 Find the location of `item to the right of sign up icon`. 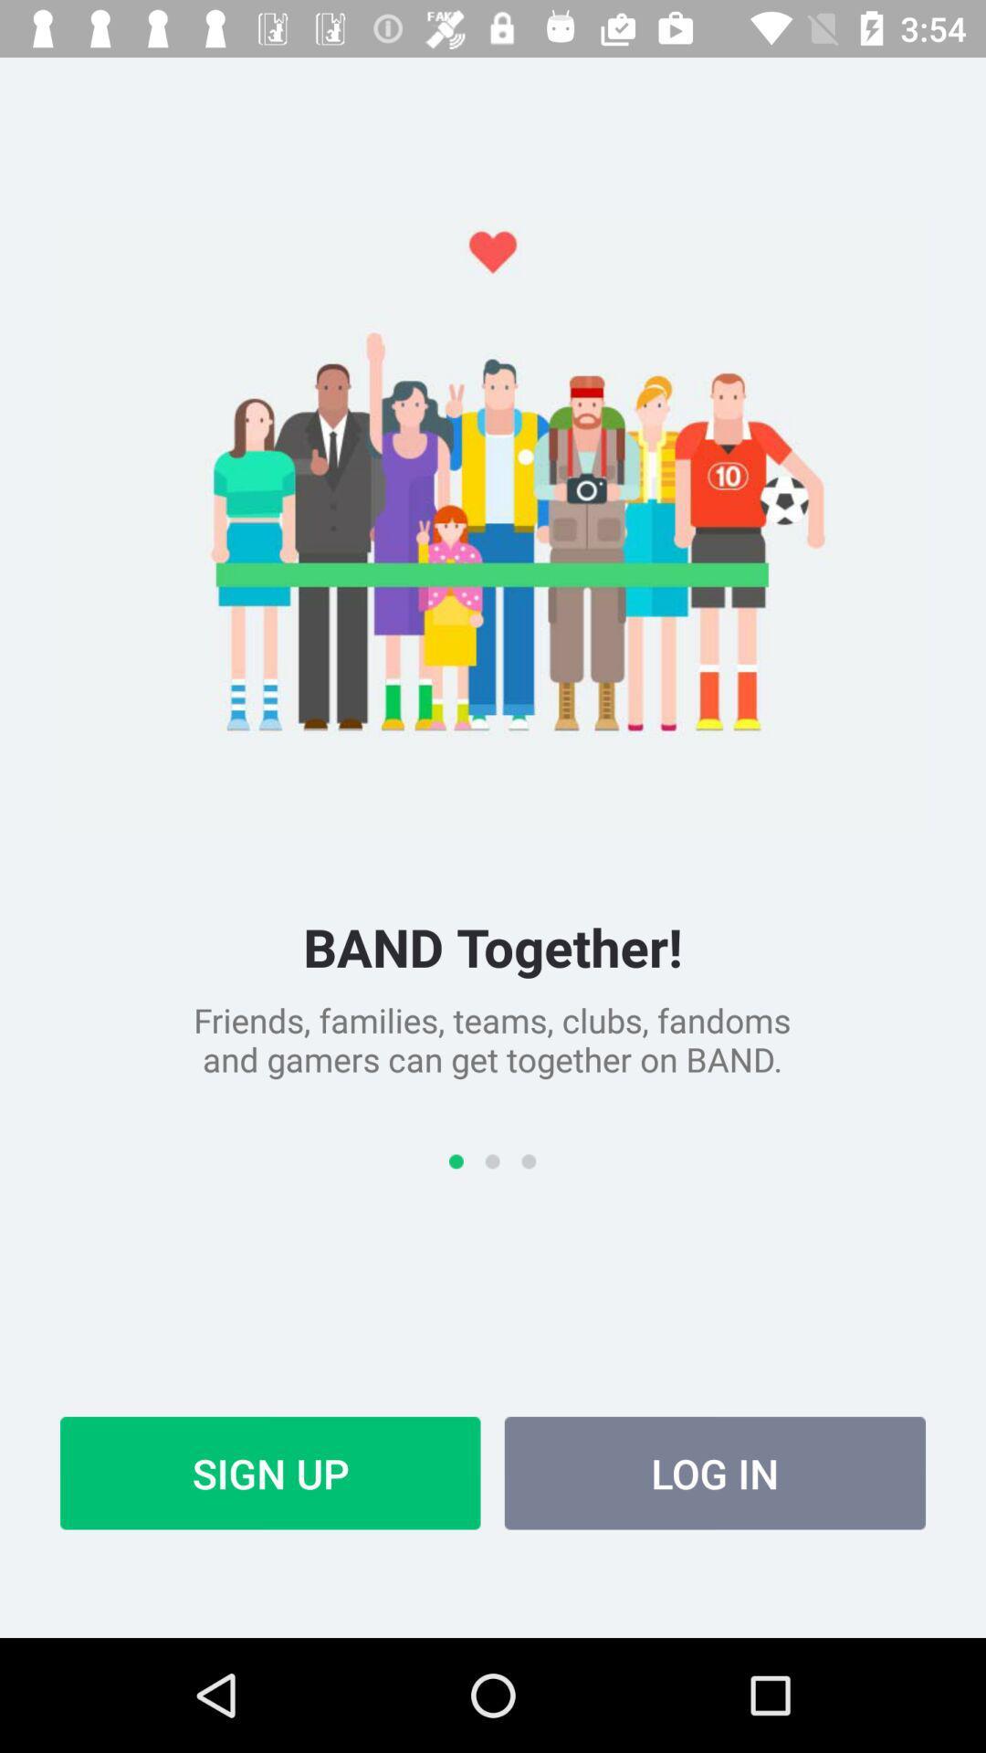

item to the right of sign up icon is located at coordinates (714, 1473).